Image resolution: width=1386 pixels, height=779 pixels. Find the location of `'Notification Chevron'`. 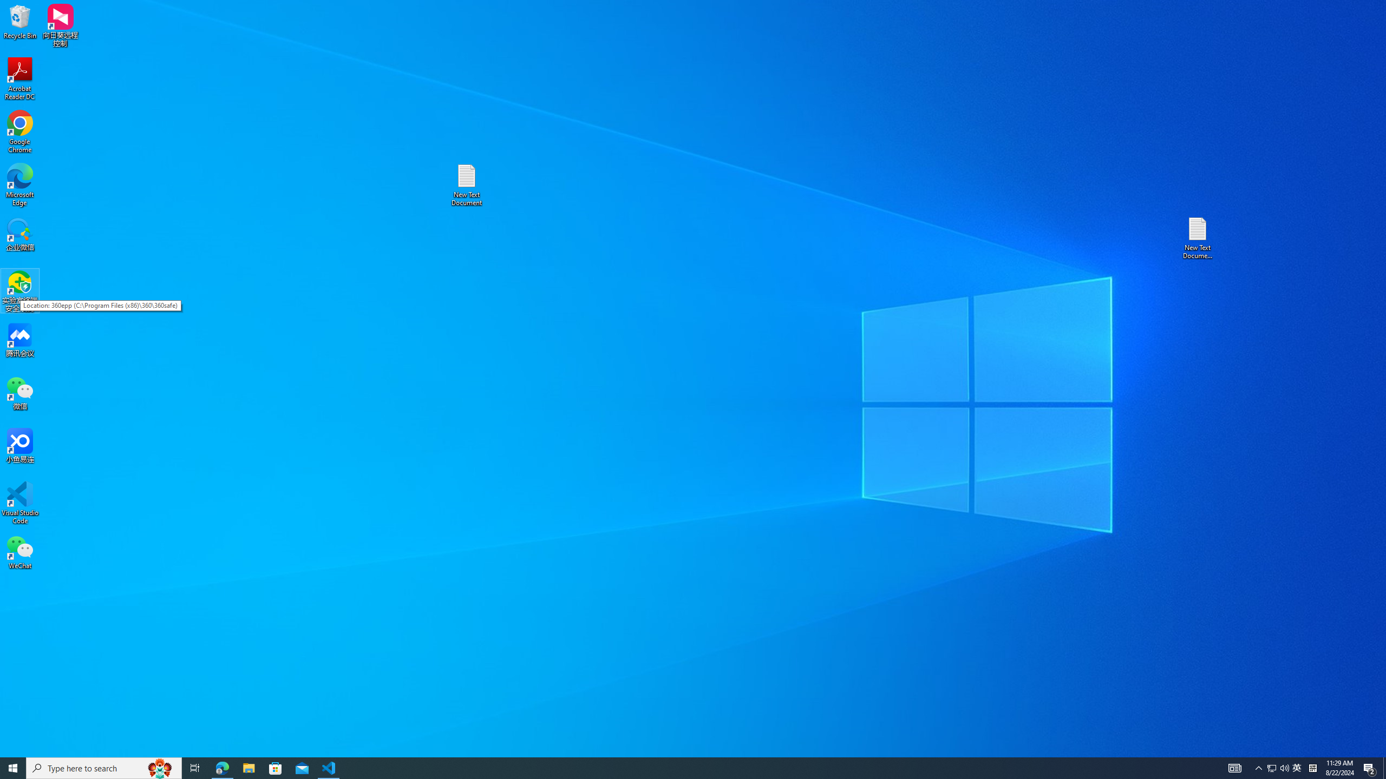

'Notification Chevron' is located at coordinates (1258, 767).